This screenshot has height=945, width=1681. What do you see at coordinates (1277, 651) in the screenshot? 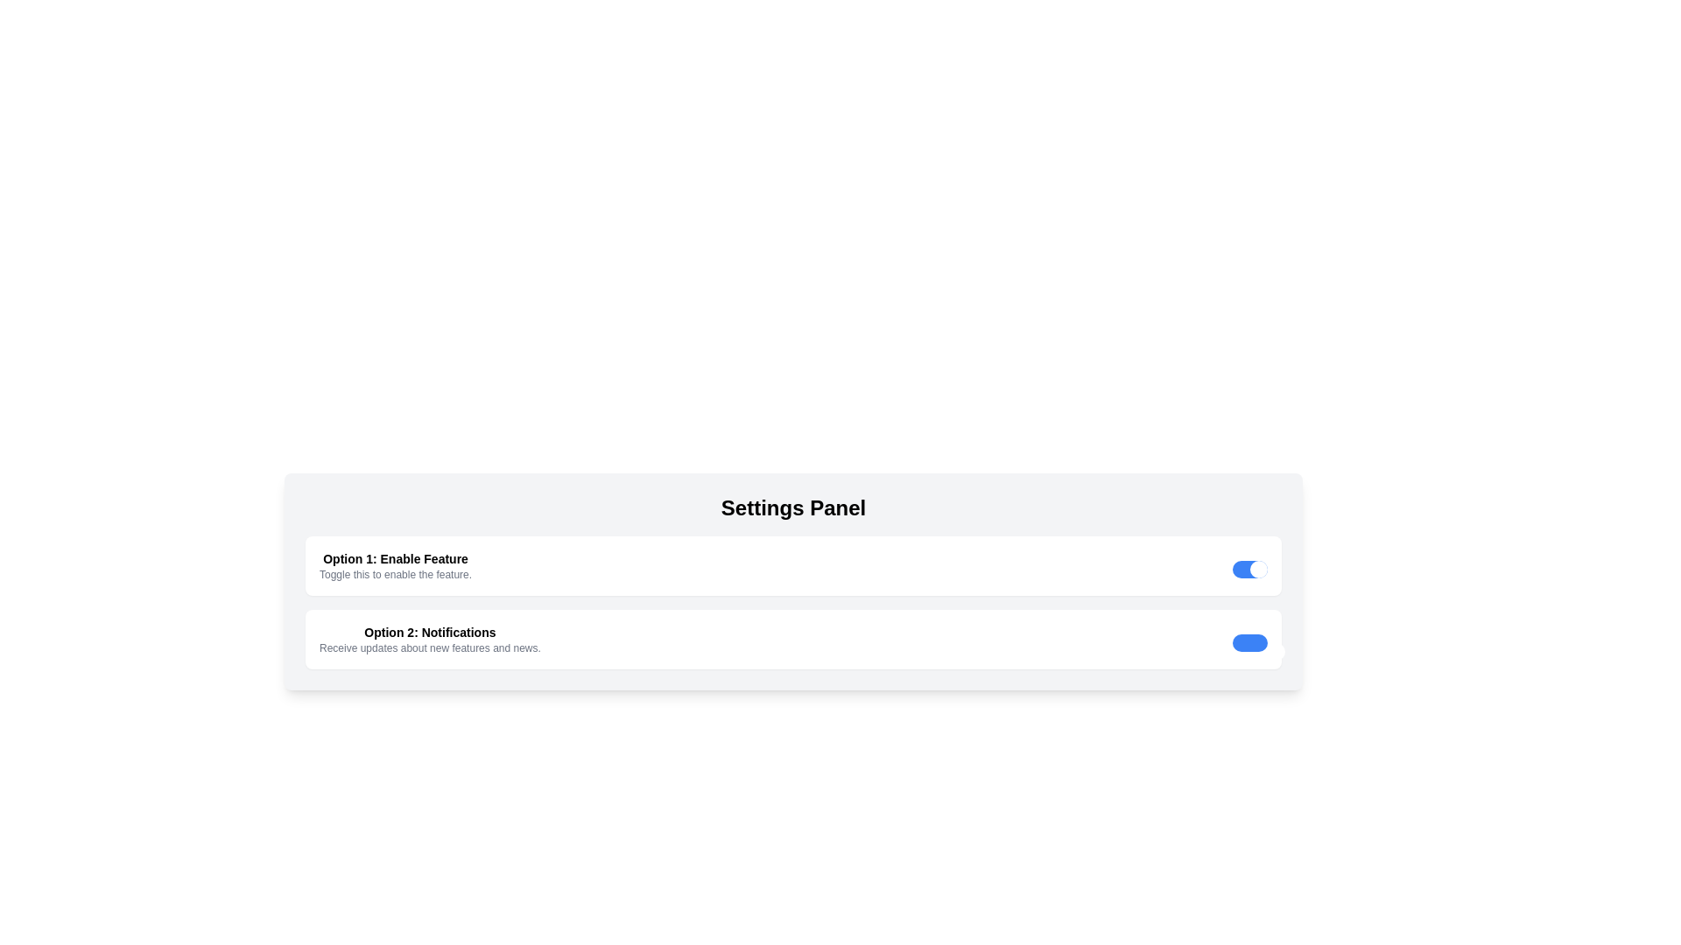
I see `the small circular white toggle knob located on the far right side of the horizontal toggle switch in the second option row of the settings panel` at bounding box center [1277, 651].